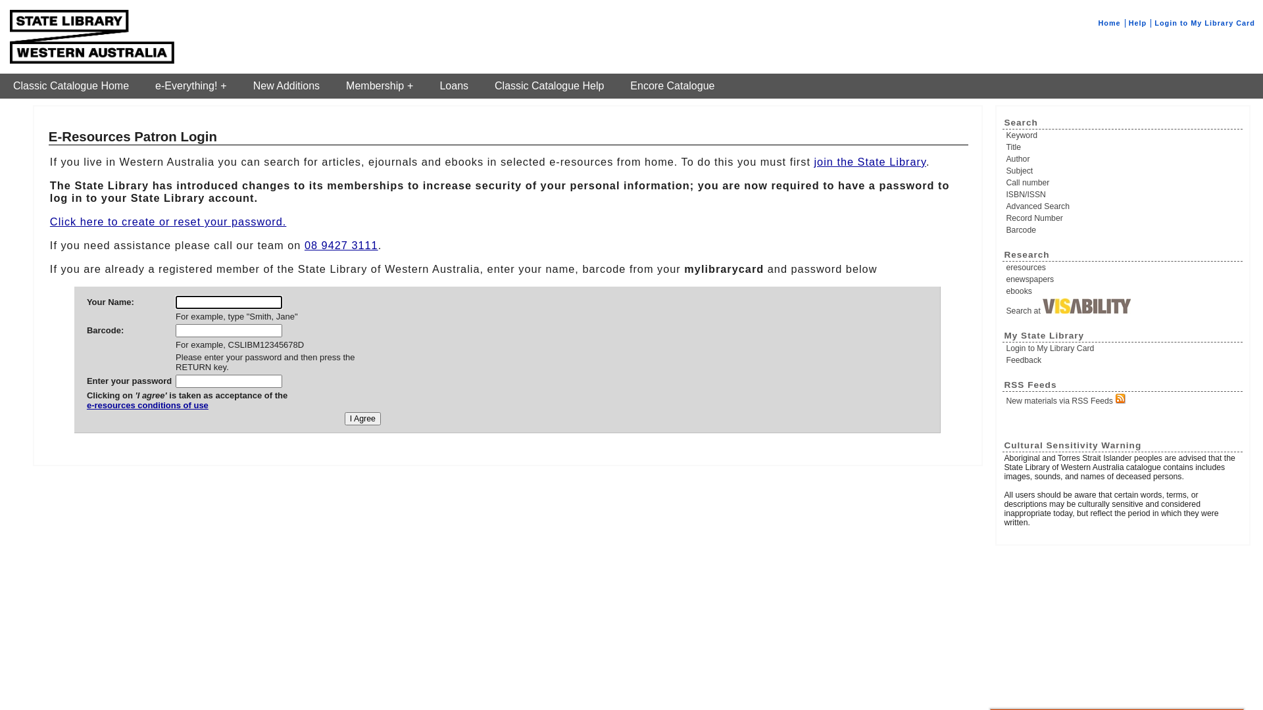 This screenshot has width=1263, height=710. Describe the element at coordinates (480, 86) in the screenshot. I see `'Classic Catalogue Help'` at that location.